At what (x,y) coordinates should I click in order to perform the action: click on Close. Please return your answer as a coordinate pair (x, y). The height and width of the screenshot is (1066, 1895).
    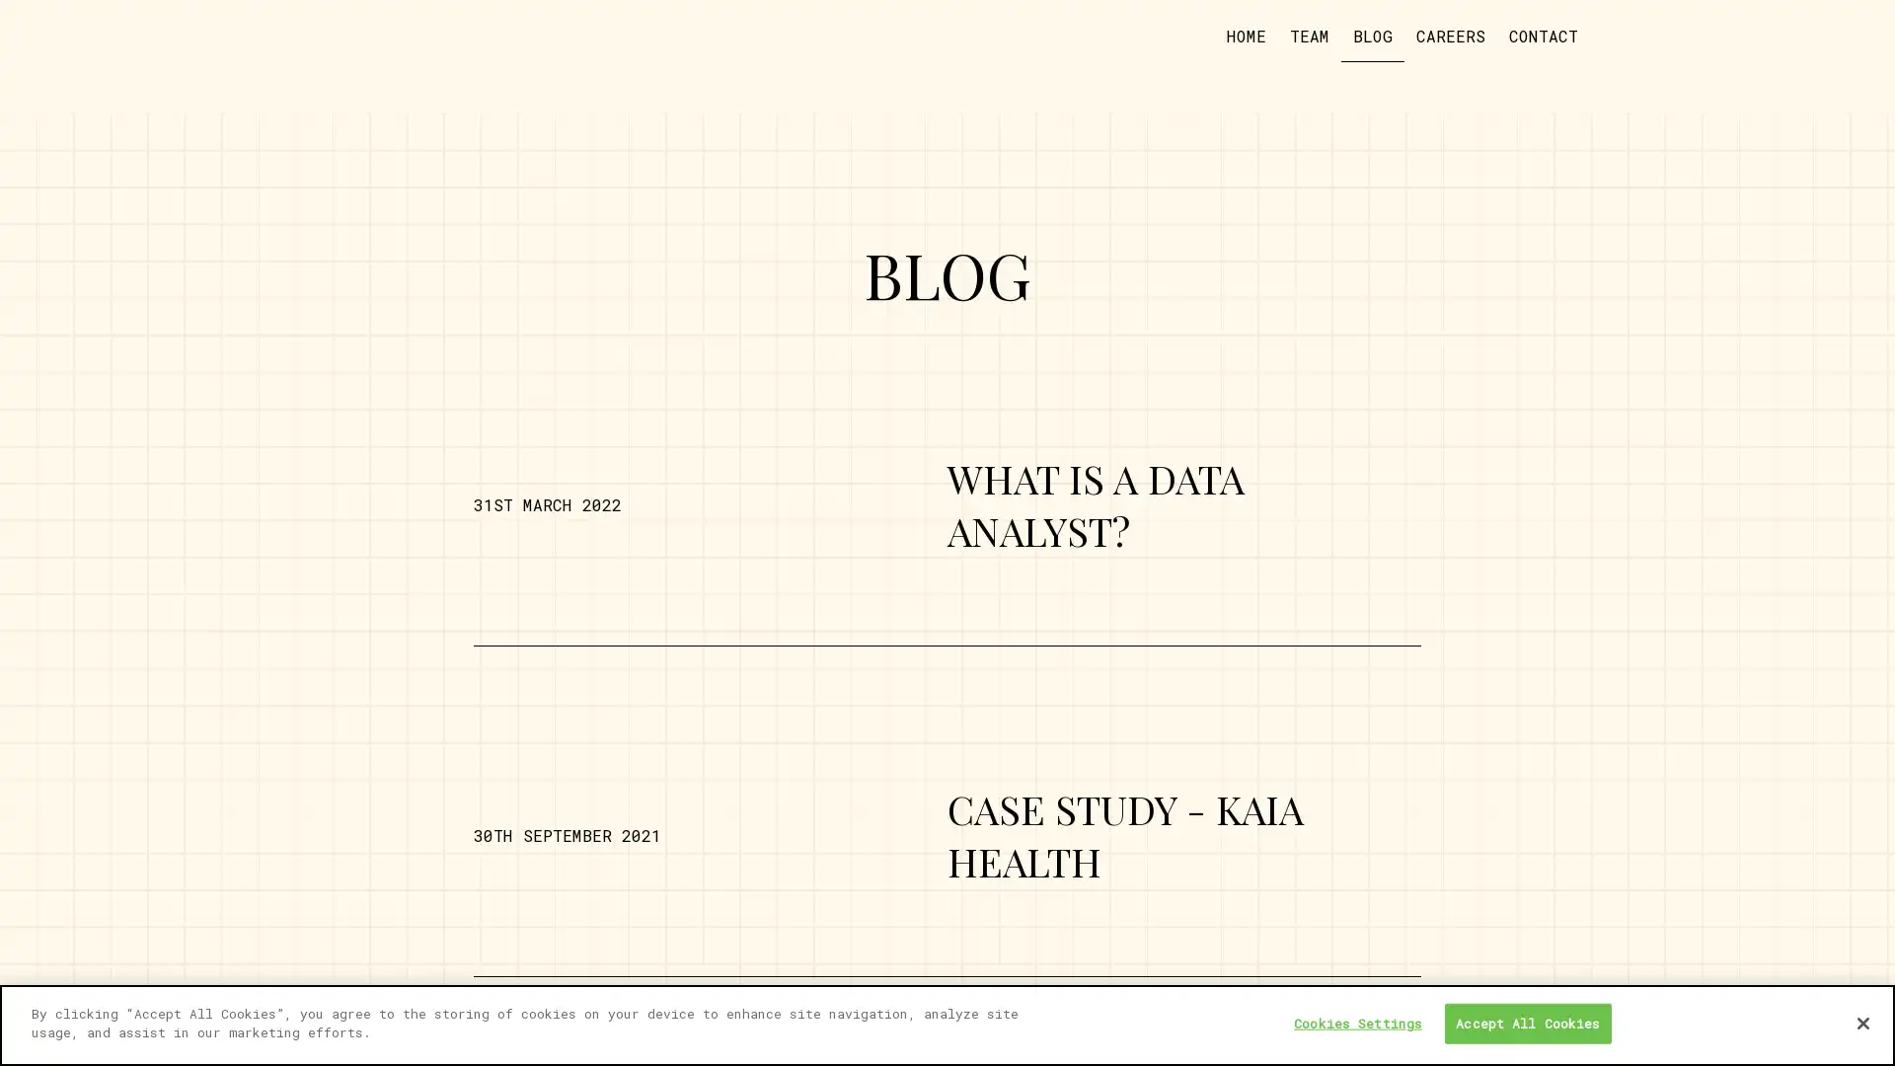
    Looking at the image, I should click on (1861, 1022).